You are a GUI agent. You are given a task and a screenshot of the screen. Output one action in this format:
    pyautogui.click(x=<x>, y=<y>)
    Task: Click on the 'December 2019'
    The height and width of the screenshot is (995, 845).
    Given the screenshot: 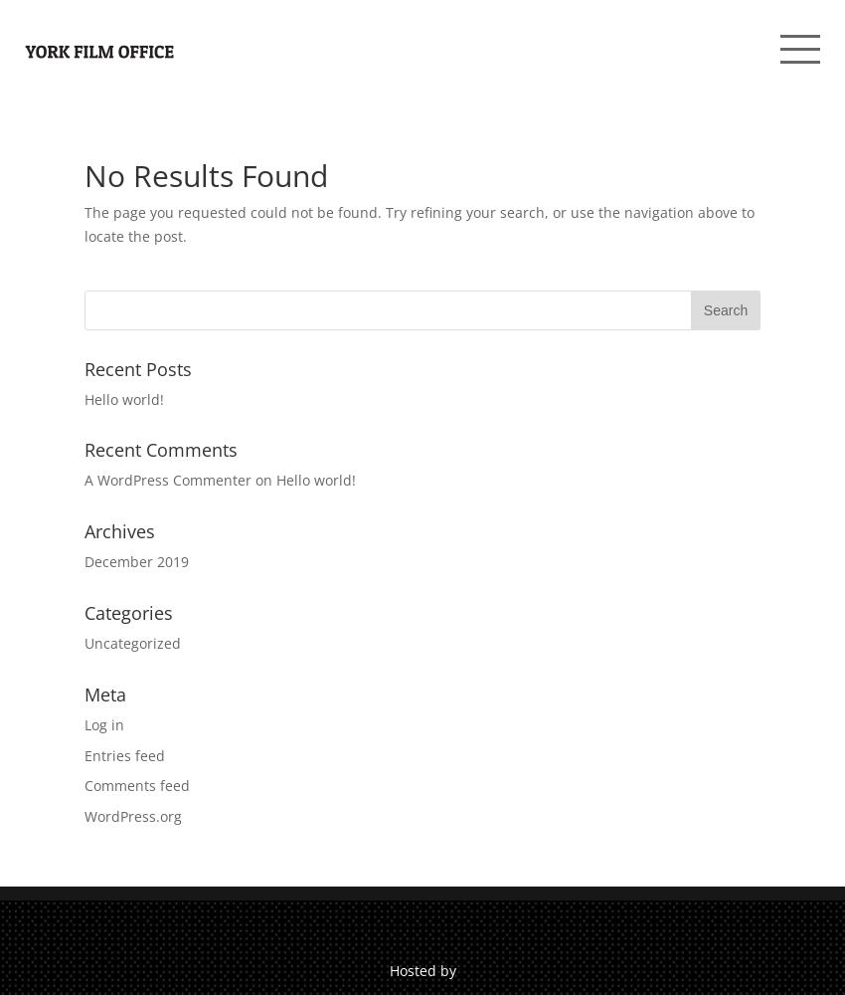 What is the action you would take?
    pyautogui.click(x=136, y=560)
    